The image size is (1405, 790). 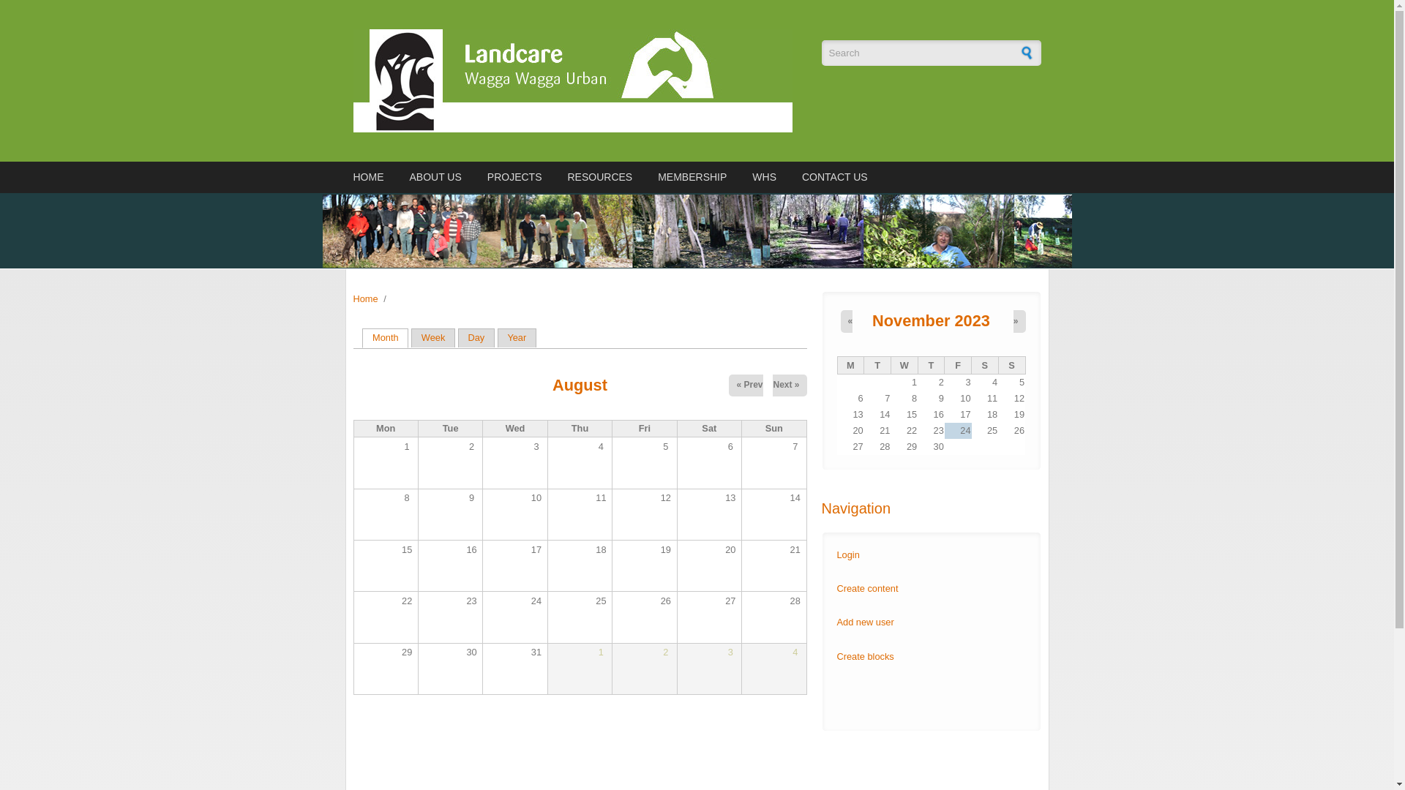 What do you see at coordinates (865, 622) in the screenshot?
I see `'Add new user'` at bounding box center [865, 622].